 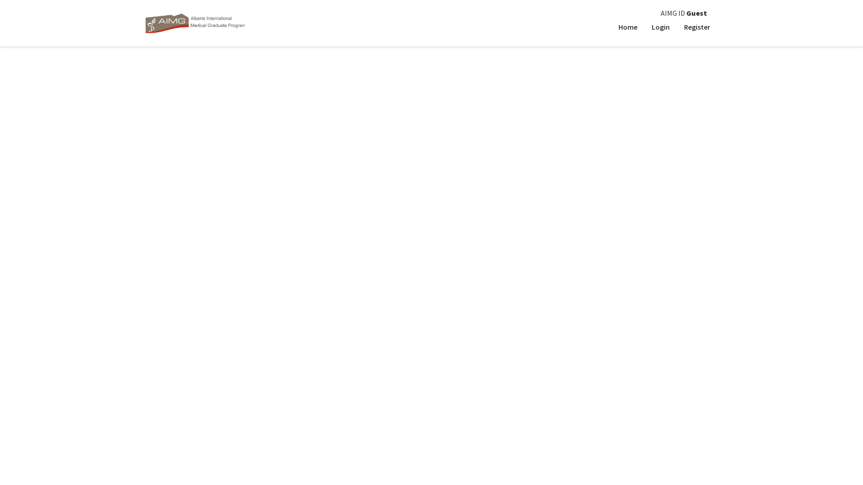 I want to click on 'Register', so click(x=696, y=26).